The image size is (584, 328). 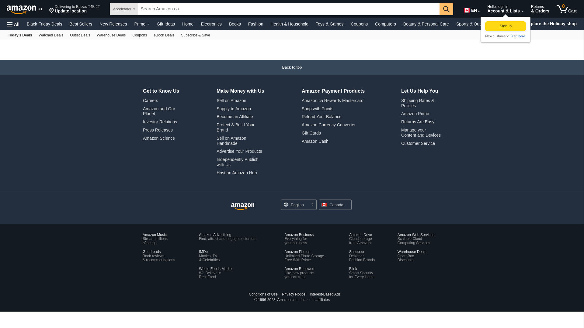 What do you see at coordinates (44, 23) in the screenshot?
I see `'Black Friday Deals'` at bounding box center [44, 23].